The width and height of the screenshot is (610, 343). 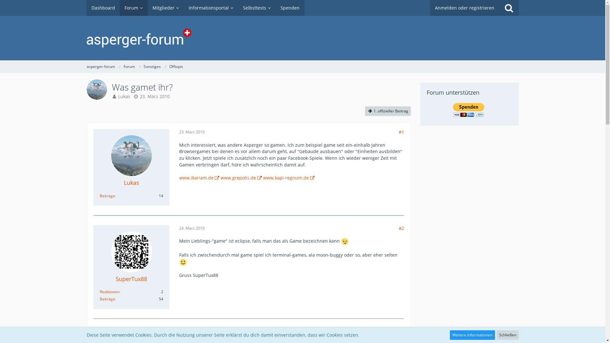 What do you see at coordinates (103, 8) in the screenshot?
I see `'Dashboard'` at bounding box center [103, 8].